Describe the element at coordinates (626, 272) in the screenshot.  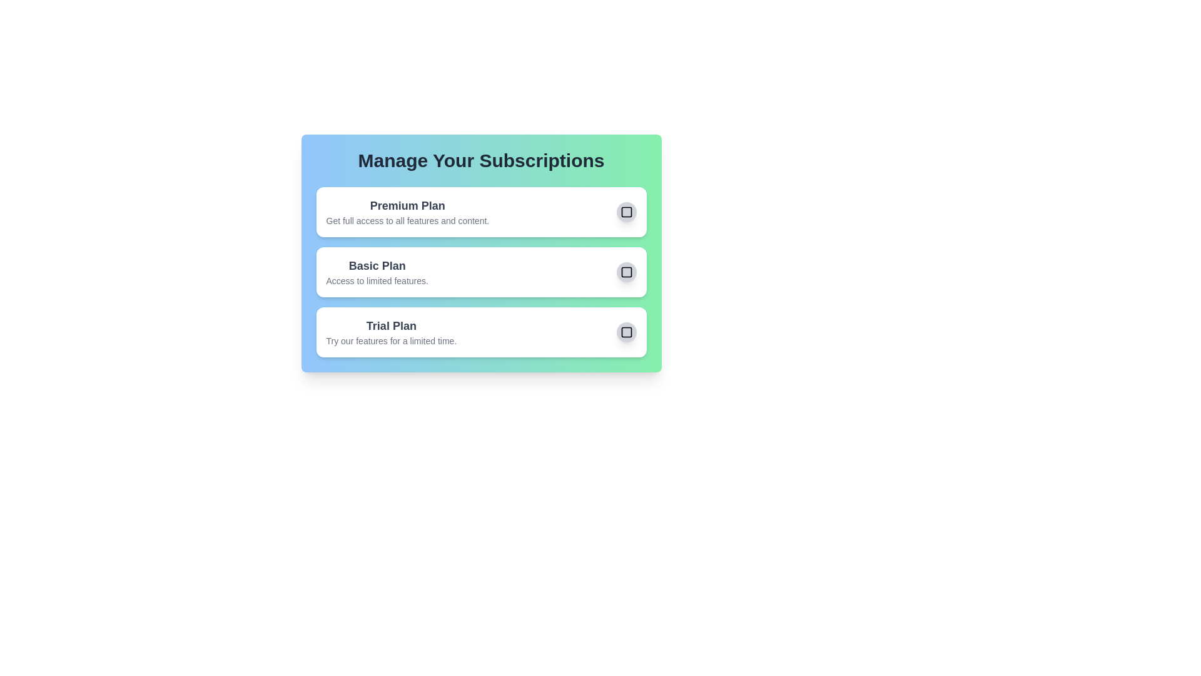
I see `the Square icon within the interactive button adjacent to the 'Basic Plan' section` at that location.